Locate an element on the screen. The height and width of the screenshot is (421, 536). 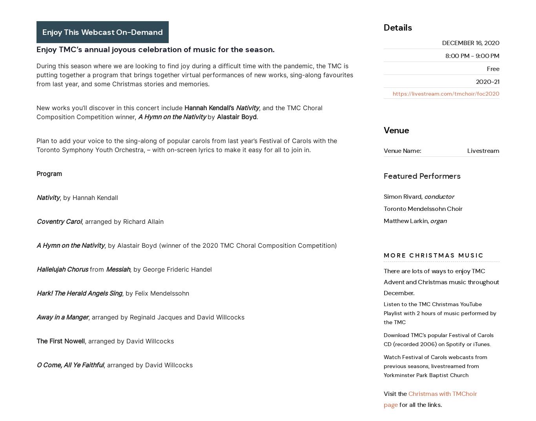
'Free' is located at coordinates (492, 68).